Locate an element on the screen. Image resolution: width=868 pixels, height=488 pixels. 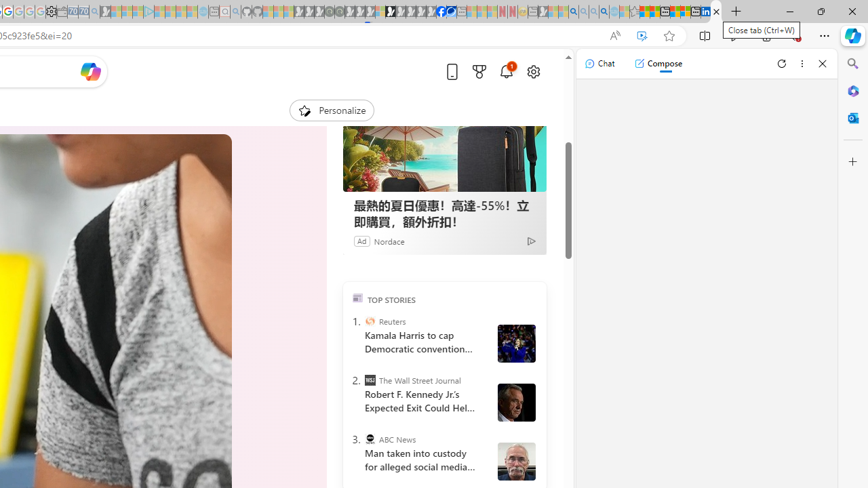
'The Wall Street Journal' is located at coordinates (370, 380).